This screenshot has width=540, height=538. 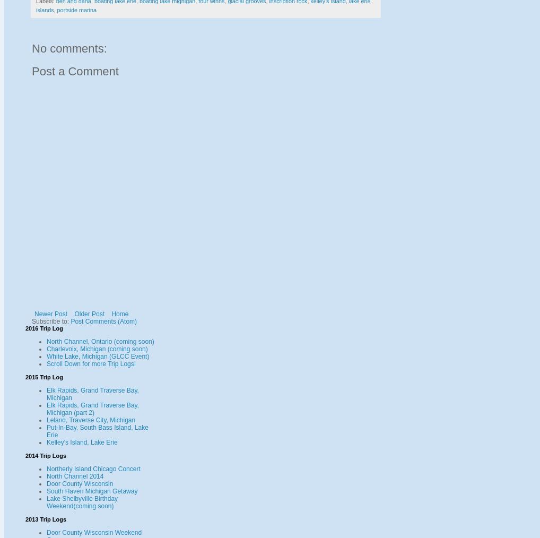 I want to click on '2015 Trip Log', so click(x=43, y=376).